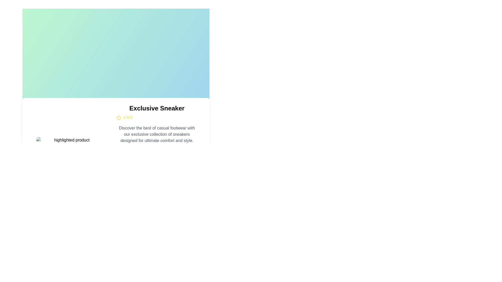 The image size is (502, 282). I want to click on the star-shaped icon representing the rating in the review section for 'Exclusive Sneaker', so click(118, 118).